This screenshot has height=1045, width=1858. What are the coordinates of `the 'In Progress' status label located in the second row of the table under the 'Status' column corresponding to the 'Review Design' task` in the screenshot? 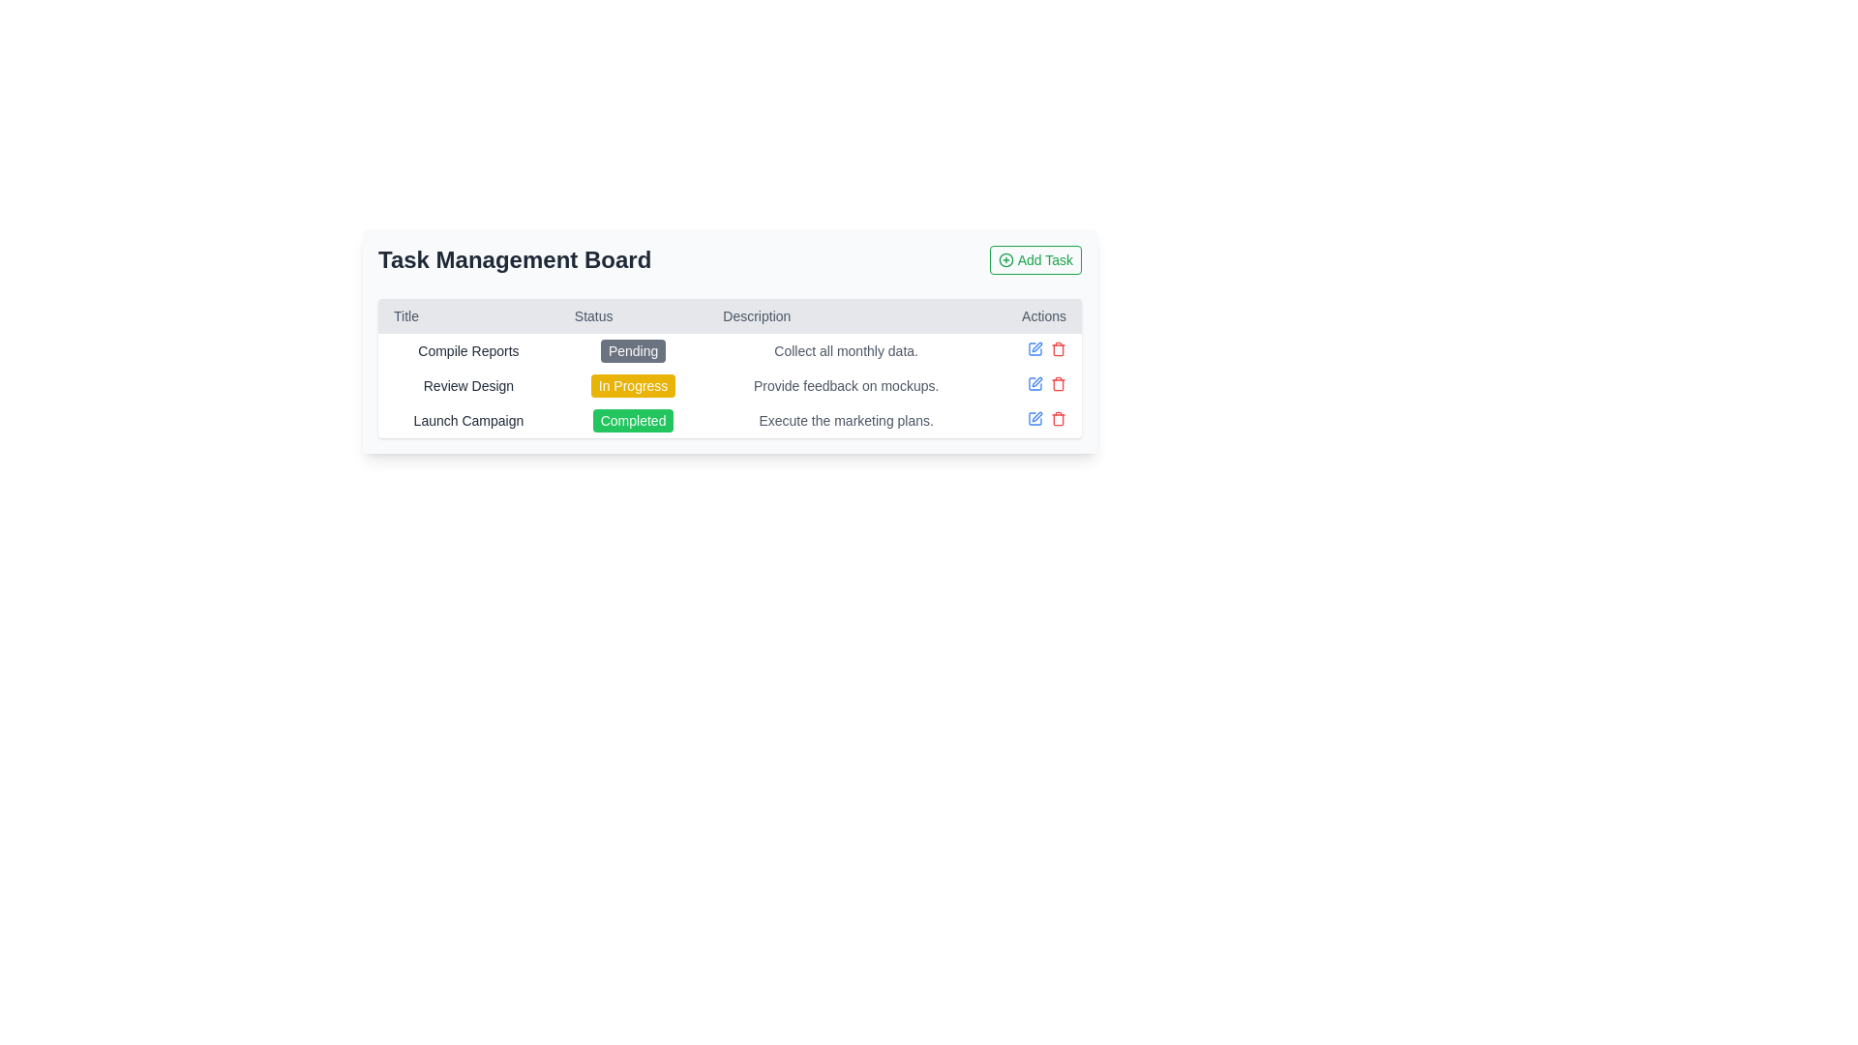 It's located at (633, 385).